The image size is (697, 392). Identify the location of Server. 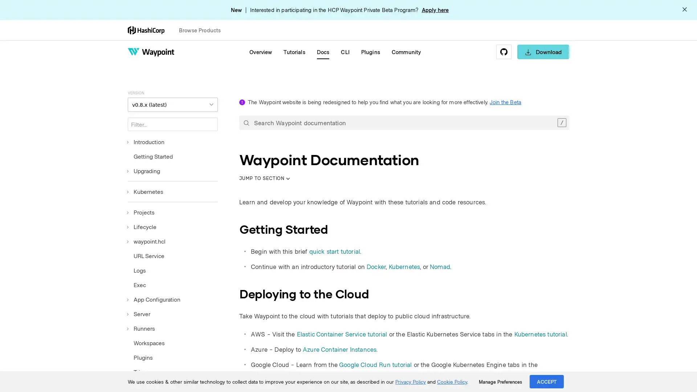
(139, 313).